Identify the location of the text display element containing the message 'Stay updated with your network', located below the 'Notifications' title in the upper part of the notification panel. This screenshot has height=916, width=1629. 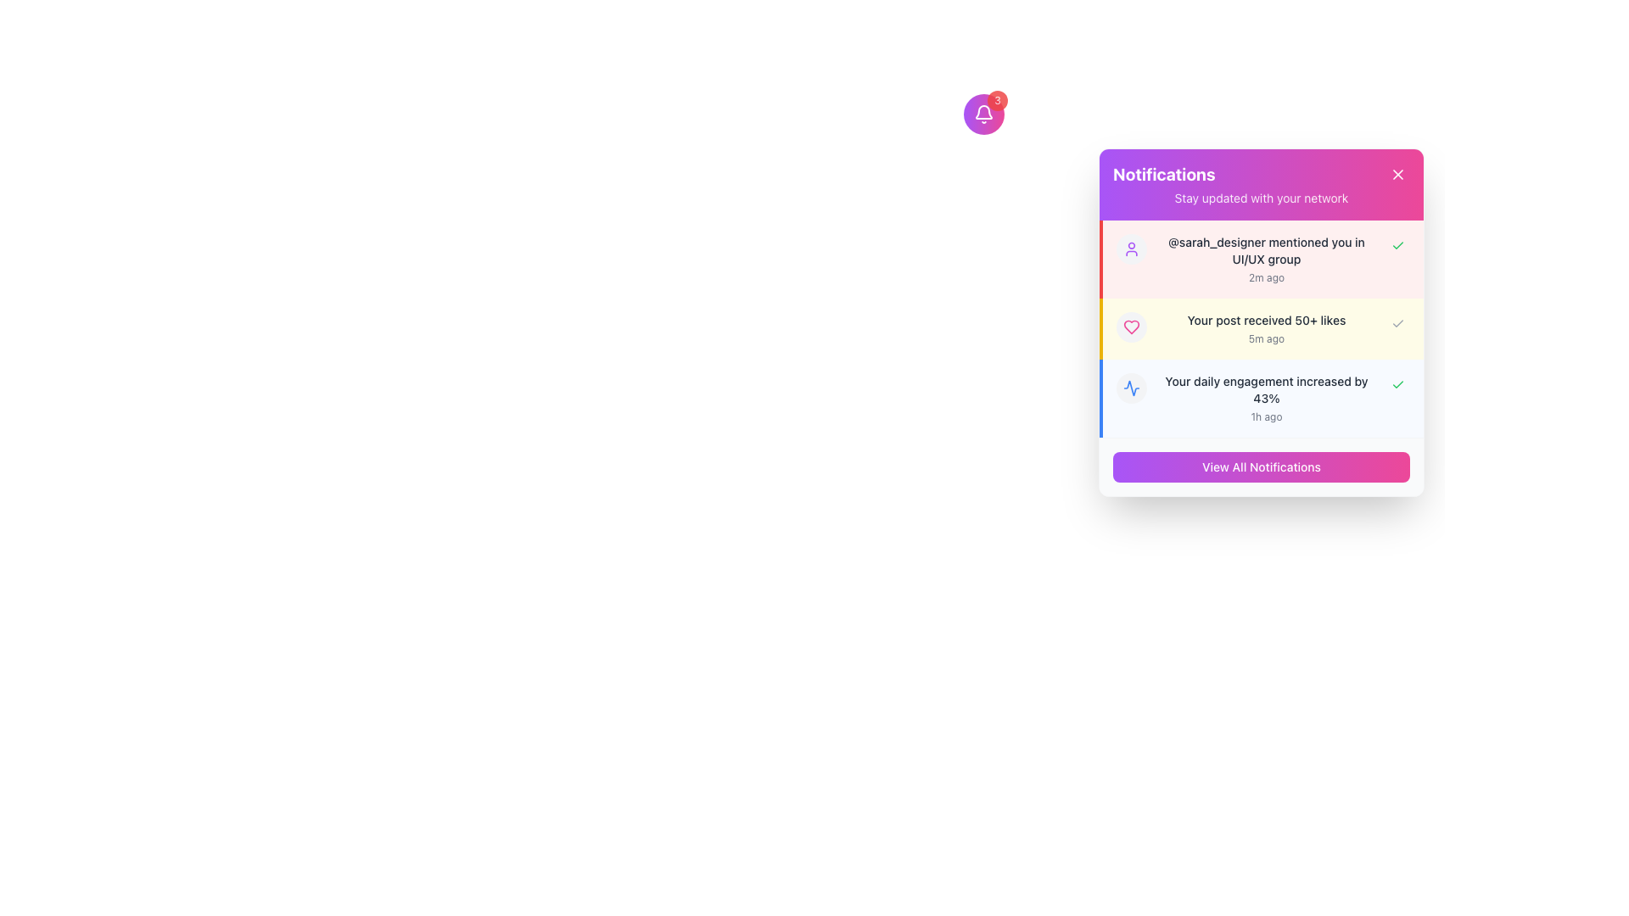
(1262, 198).